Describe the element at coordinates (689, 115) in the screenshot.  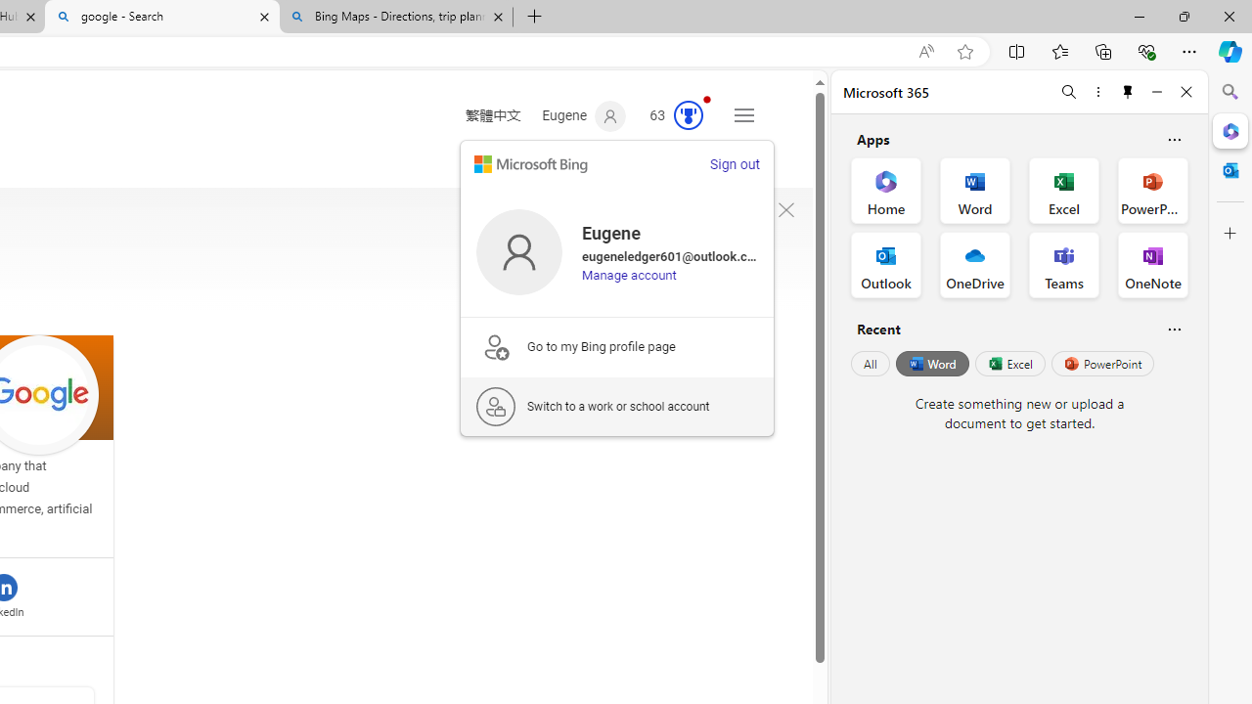
I see `'AutomationID: serp_medal_svg'` at that location.